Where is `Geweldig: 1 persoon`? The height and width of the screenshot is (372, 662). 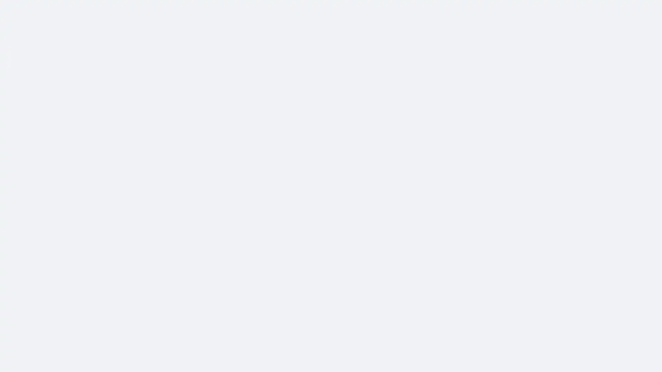
Geweldig: 1 persoon is located at coordinates (324, 307).